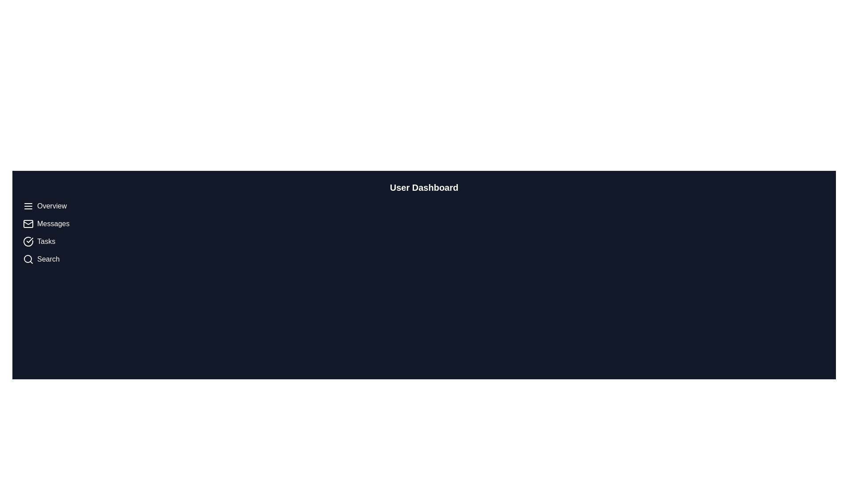  Describe the element at coordinates (46, 242) in the screenshot. I see `the static text label that identifies a navigation option related to tasks, which is the third item in the vertical navigation menu on the left side of the interface` at that location.